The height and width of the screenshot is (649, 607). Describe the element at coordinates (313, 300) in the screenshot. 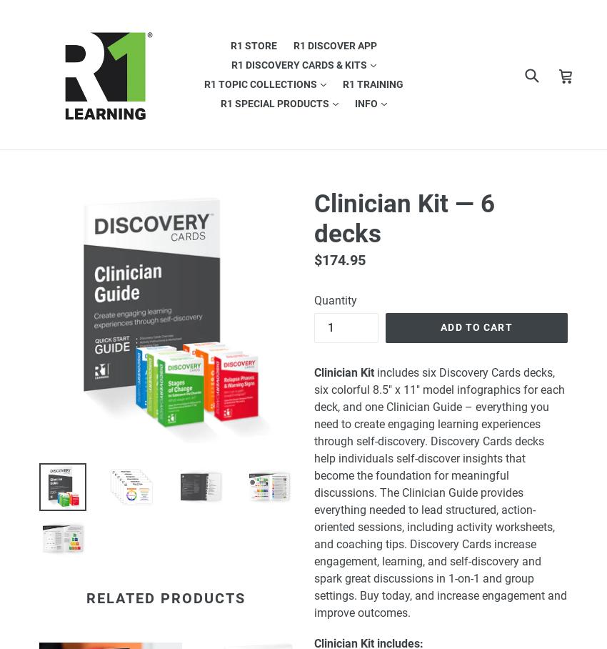

I see `'Quantity'` at that location.